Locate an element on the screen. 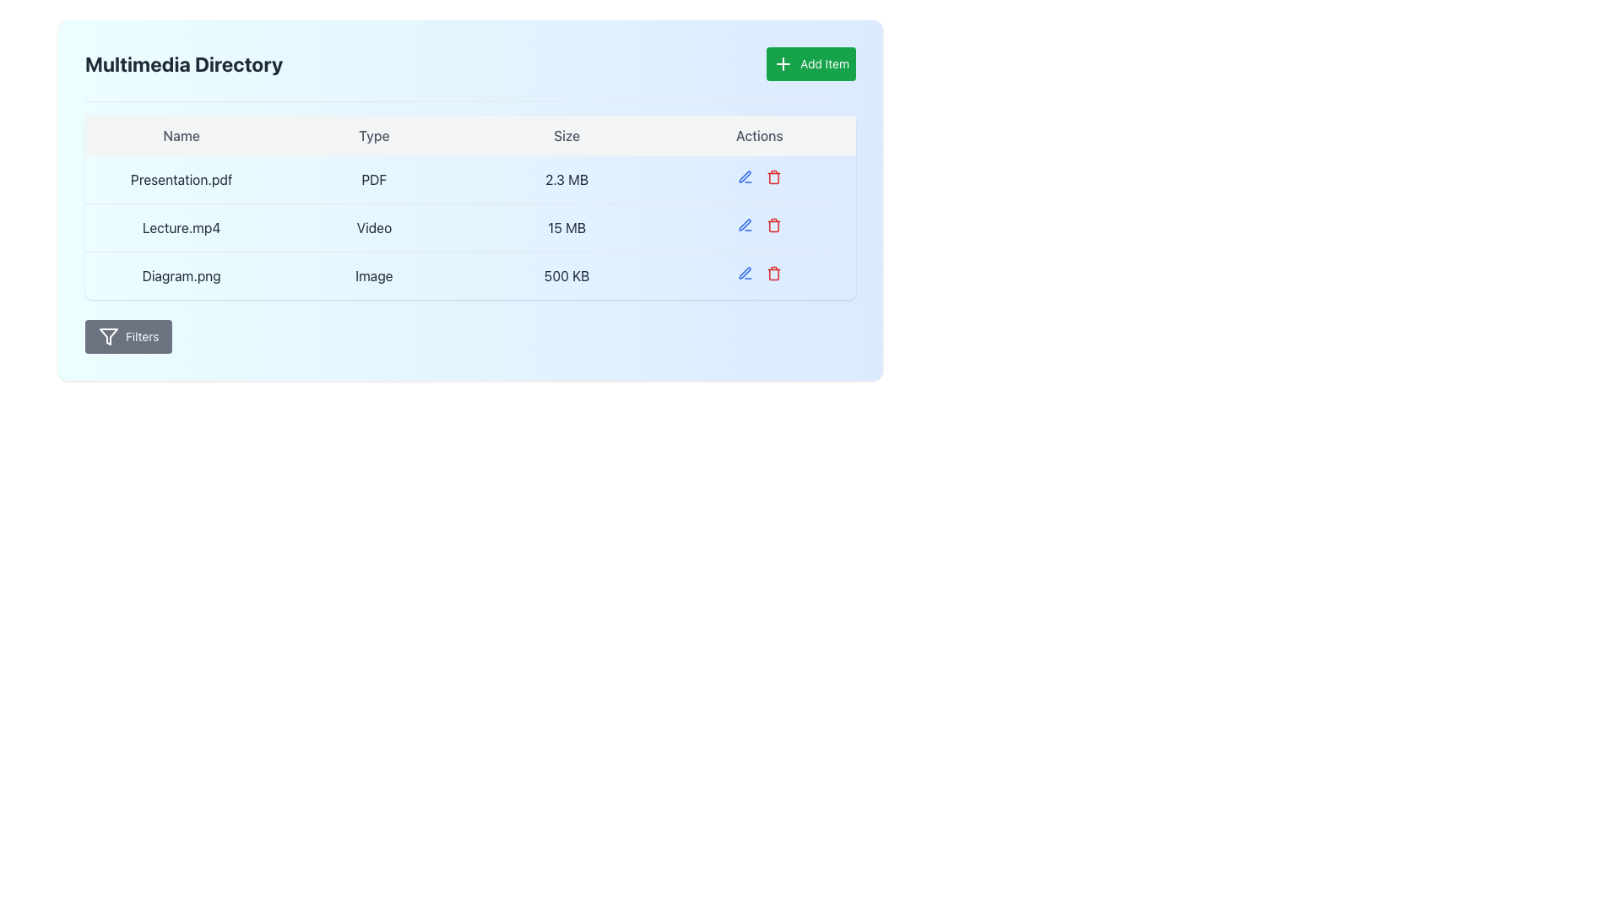 This screenshot has width=1621, height=912. the bottom-most row in the multimedia directory table representing the file named 'Diagram.png' is located at coordinates (470, 274).